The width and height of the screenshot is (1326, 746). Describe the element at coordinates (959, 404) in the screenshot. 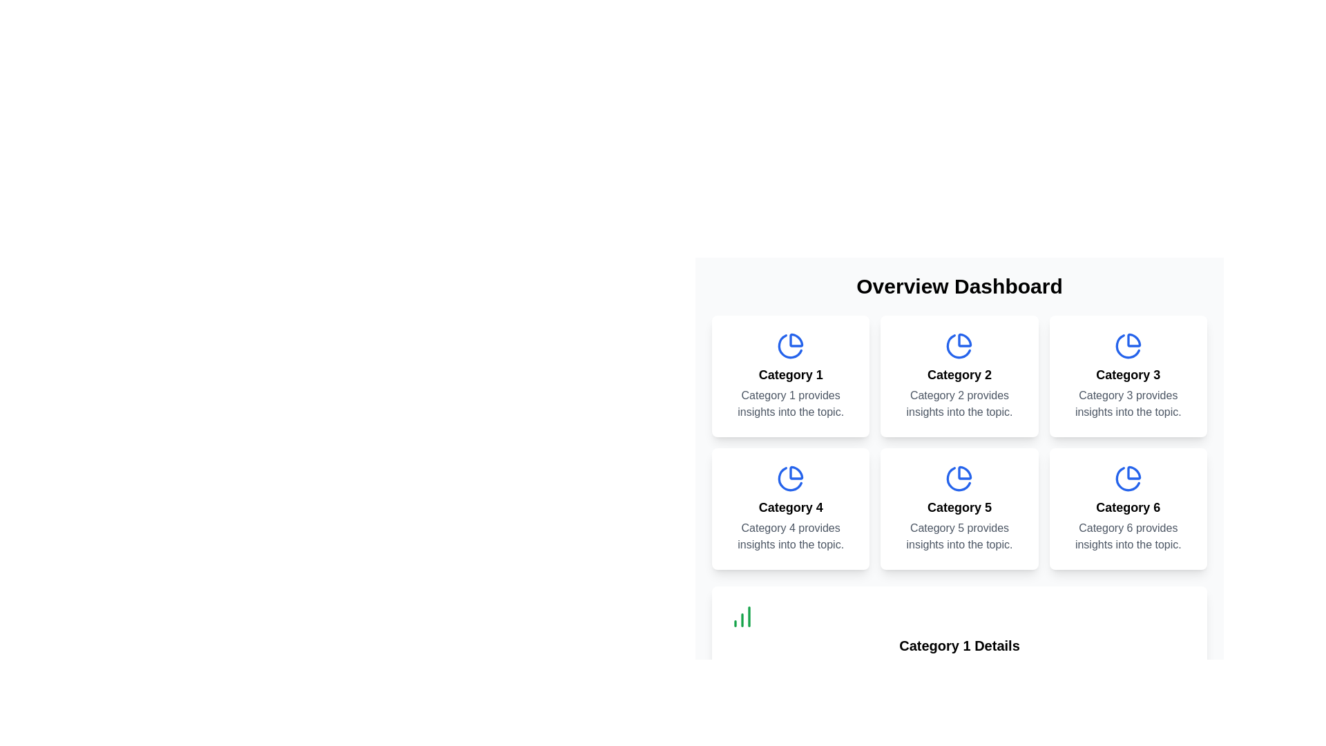

I see `text block that is styled in gray and located below the heading 'Category 2', which reads 'Category 2 provides insights into the topic.'` at that location.